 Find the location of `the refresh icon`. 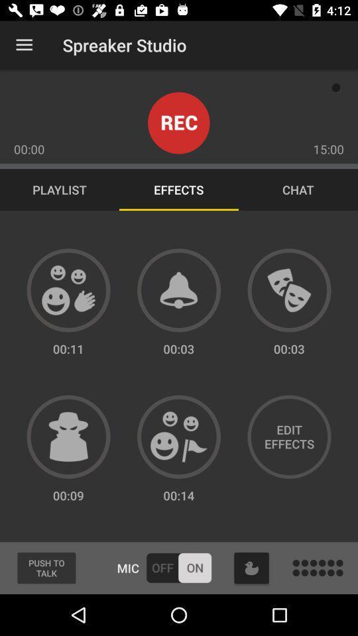

the refresh icon is located at coordinates (251, 567).